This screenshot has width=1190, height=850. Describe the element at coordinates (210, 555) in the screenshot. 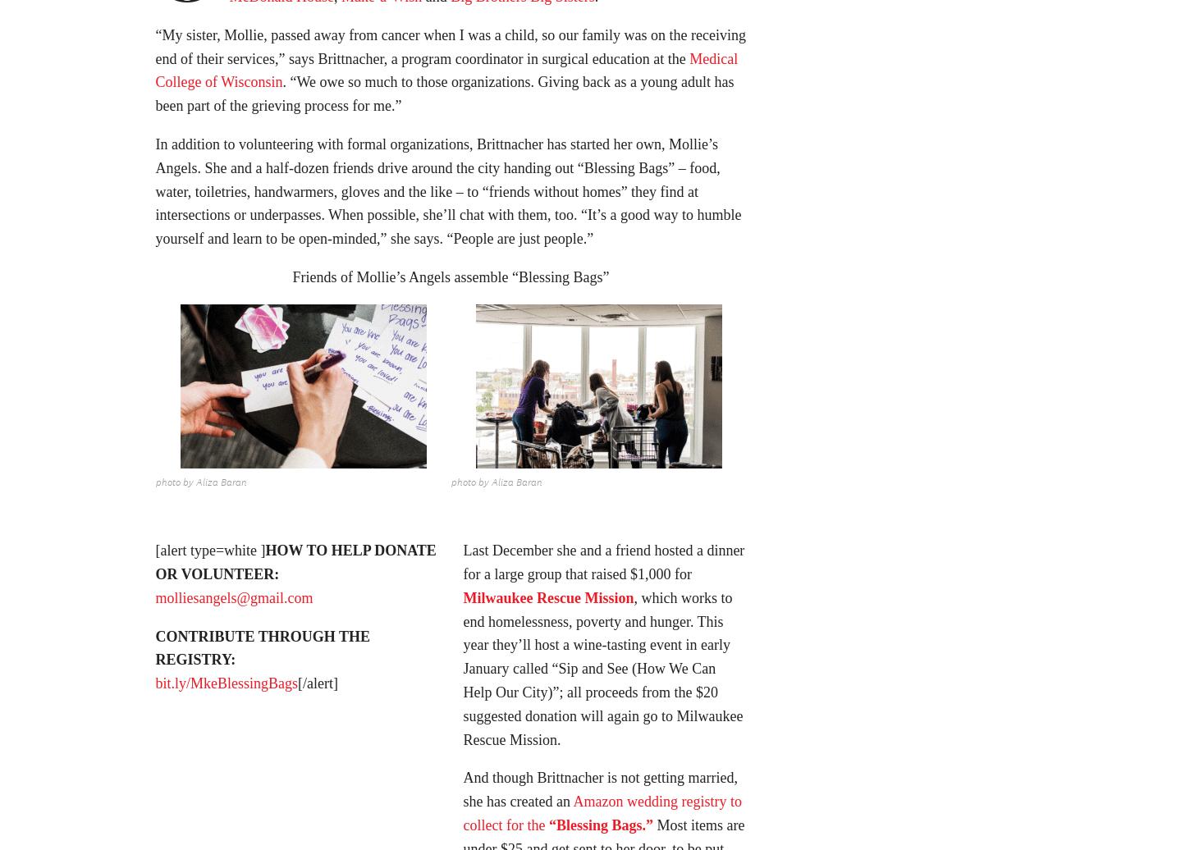

I see `'[alert type=white ]'` at that location.